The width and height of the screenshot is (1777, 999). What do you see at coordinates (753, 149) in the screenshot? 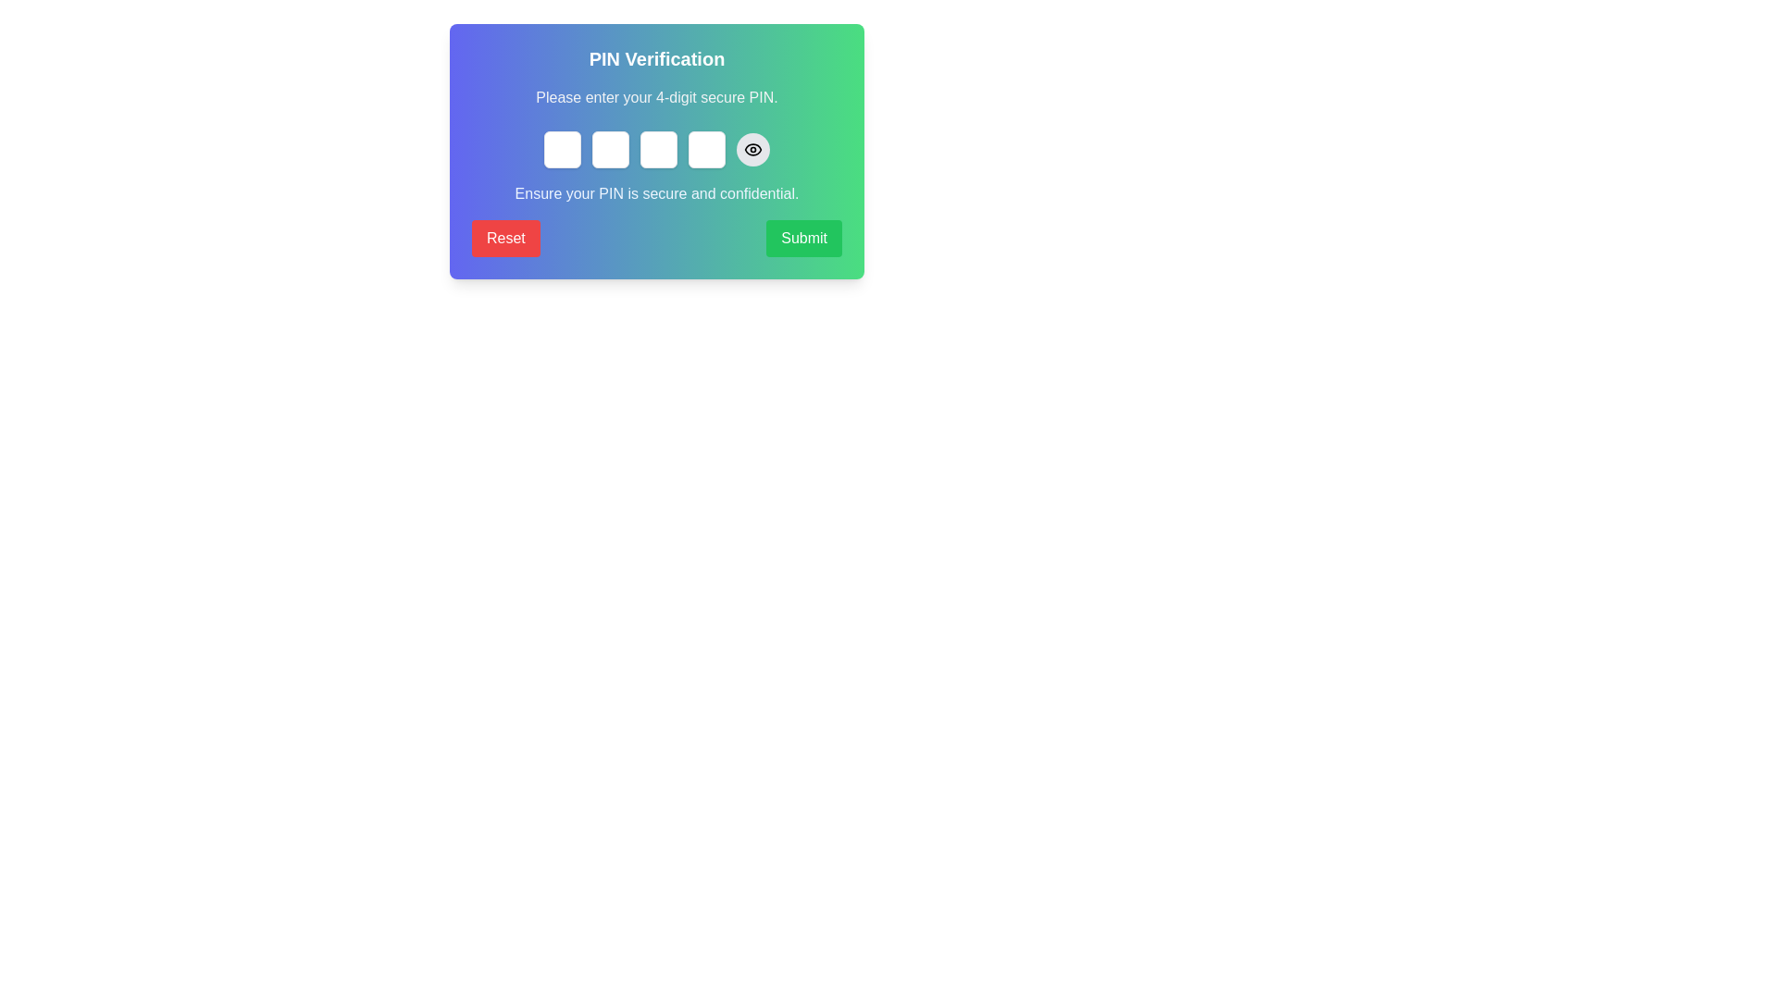
I see `the eye-shaped icon within the interactive button` at bounding box center [753, 149].